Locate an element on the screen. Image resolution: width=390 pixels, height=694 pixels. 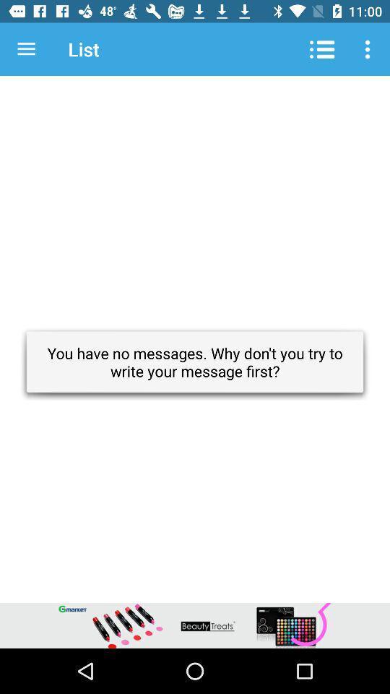
the you have no is located at coordinates (195, 361).